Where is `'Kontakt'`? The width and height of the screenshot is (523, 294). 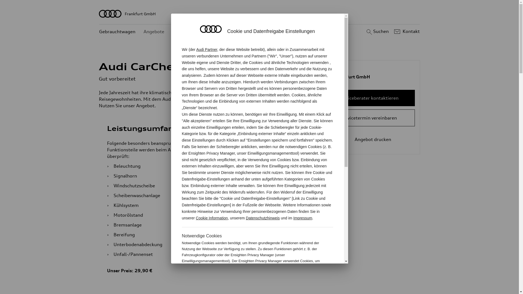 'Kontakt' is located at coordinates (406, 31).